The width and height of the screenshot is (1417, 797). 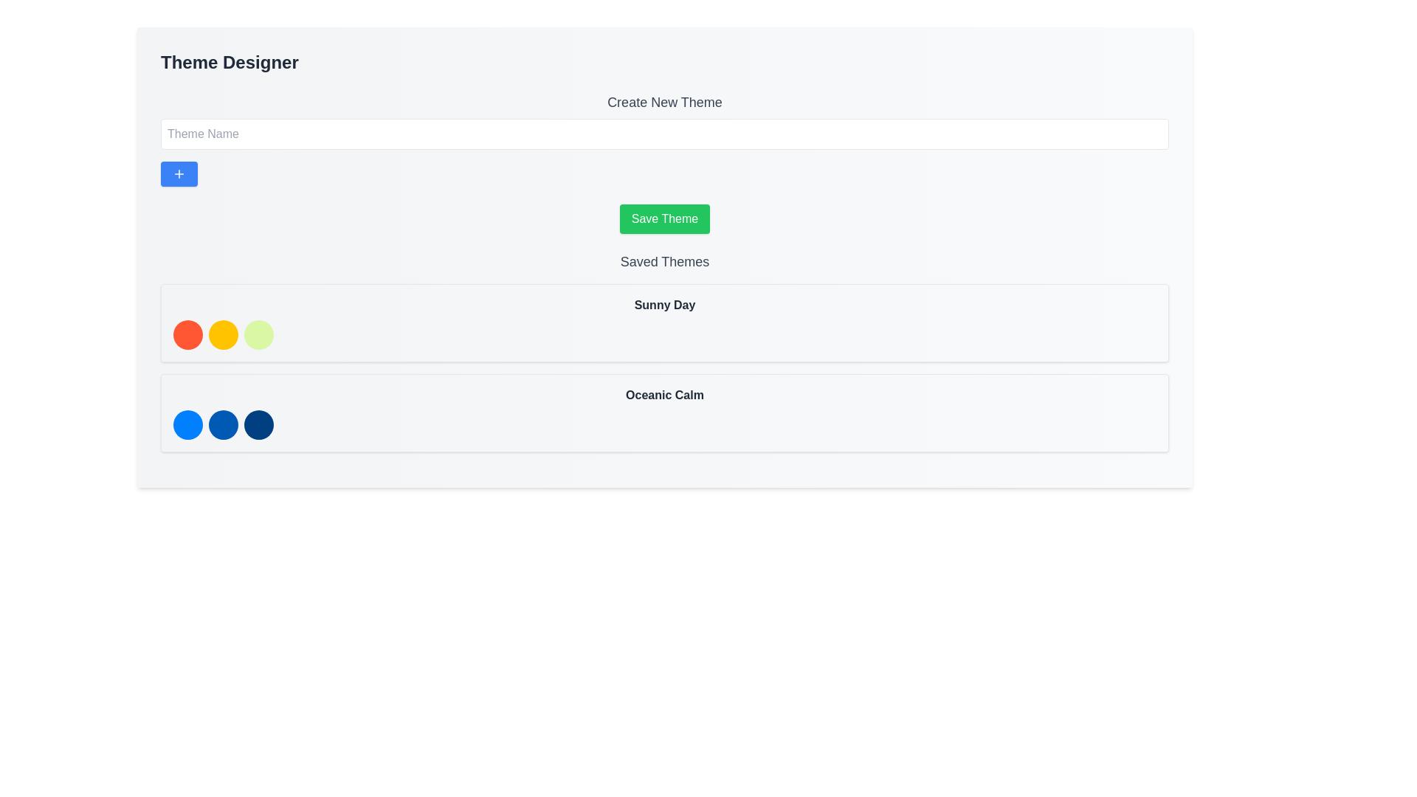 What do you see at coordinates (229, 61) in the screenshot?
I see `the static text header reading 'Theme Designer', which is styled in bold and large font, located near the top left of the interface above the 'Theme Name' input field` at bounding box center [229, 61].